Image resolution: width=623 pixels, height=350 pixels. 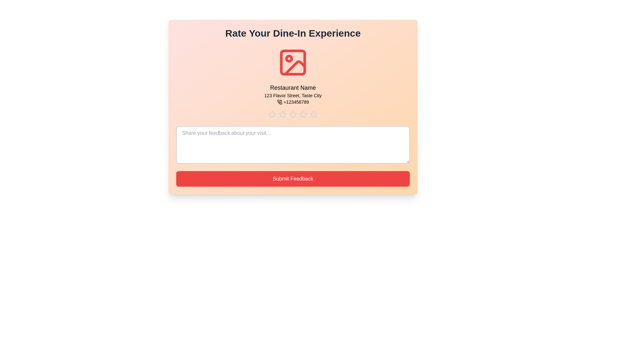 What do you see at coordinates (272, 114) in the screenshot?
I see `the star corresponding to 1 stars to preview the rating` at bounding box center [272, 114].